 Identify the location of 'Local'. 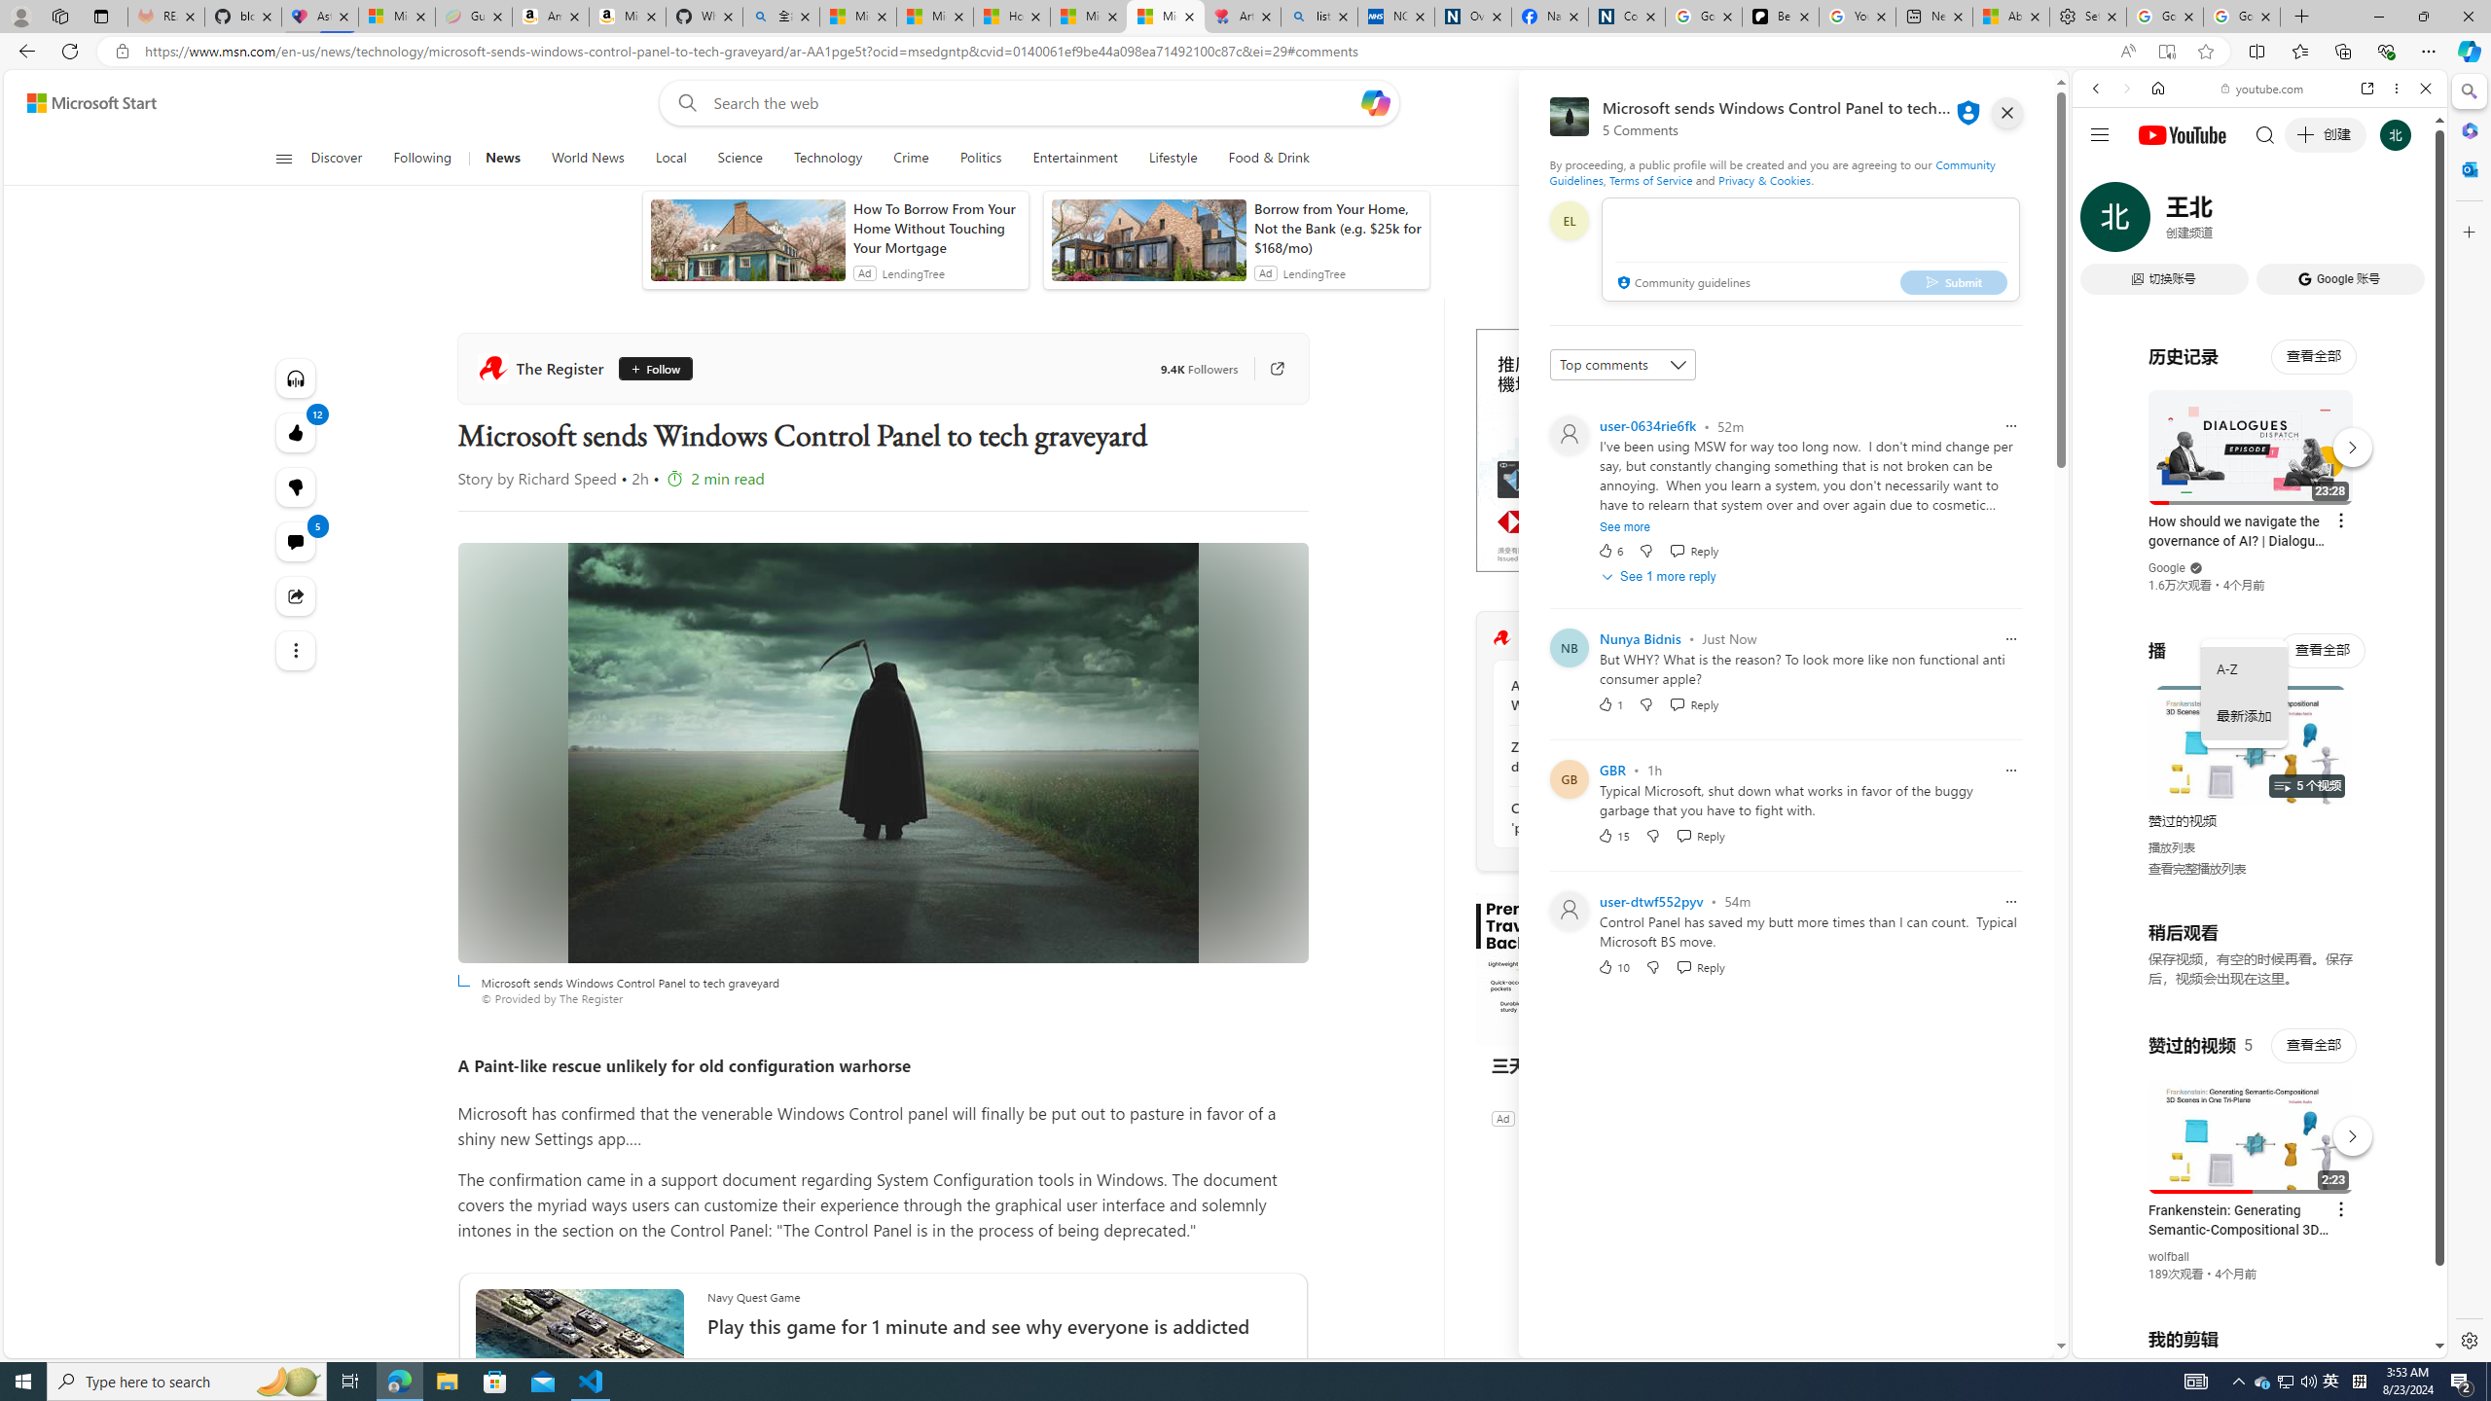
(669, 158).